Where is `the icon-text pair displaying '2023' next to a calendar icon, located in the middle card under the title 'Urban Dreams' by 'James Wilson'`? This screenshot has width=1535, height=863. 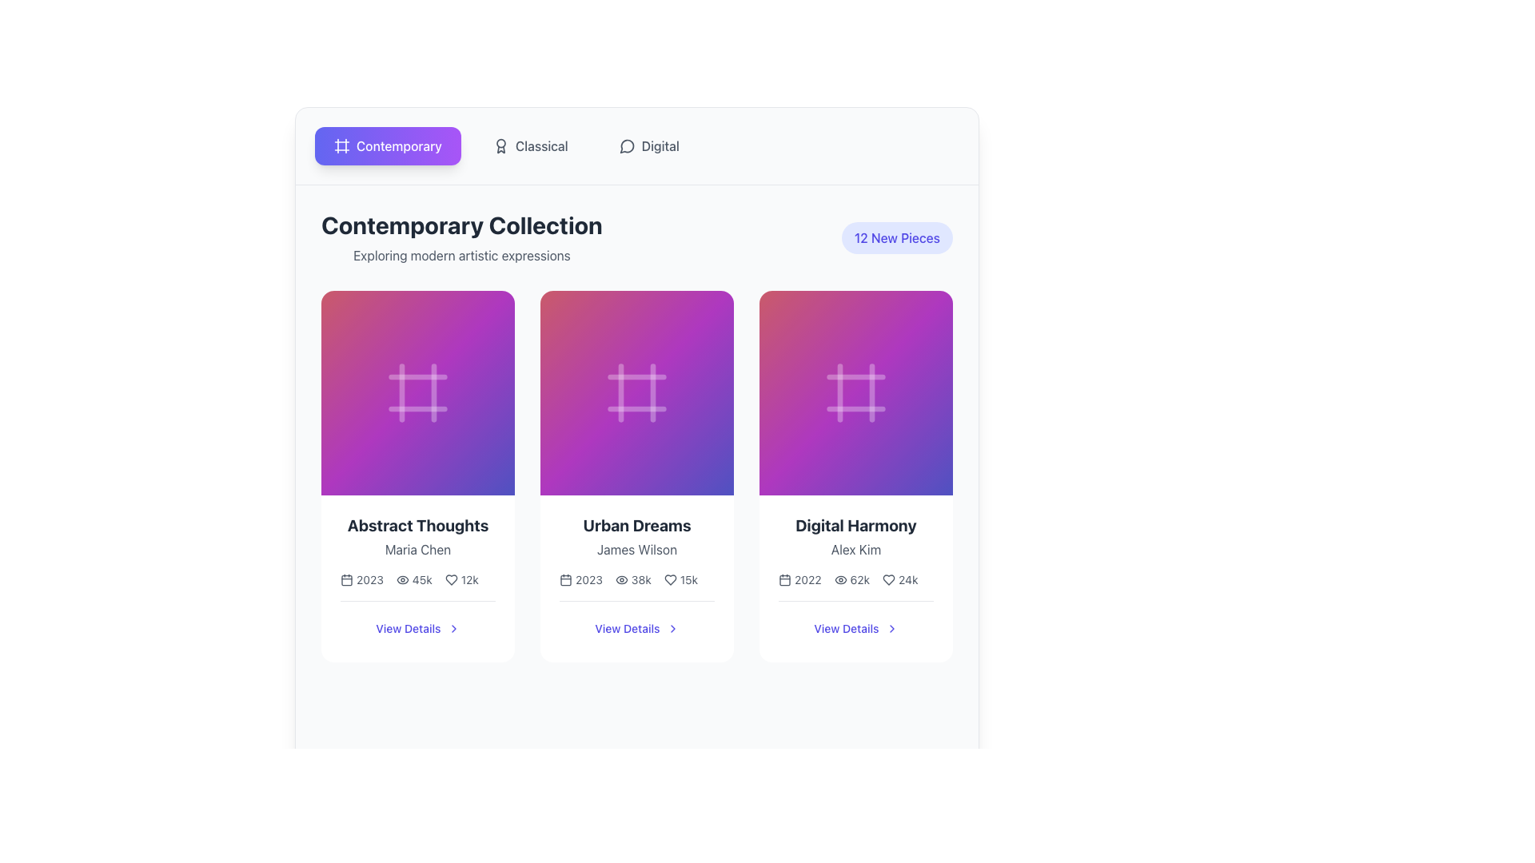
the icon-text pair displaying '2023' next to a calendar icon, located in the middle card under the title 'Urban Dreams' by 'James Wilson' is located at coordinates (580, 579).